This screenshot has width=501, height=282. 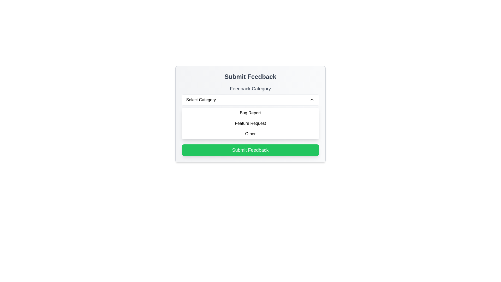 What do you see at coordinates (250, 88) in the screenshot?
I see `the 'Feedback Category' text label element, which is a medium gray text label aligned as a block format, positioned below the 'Submit Feedback' heading` at bounding box center [250, 88].